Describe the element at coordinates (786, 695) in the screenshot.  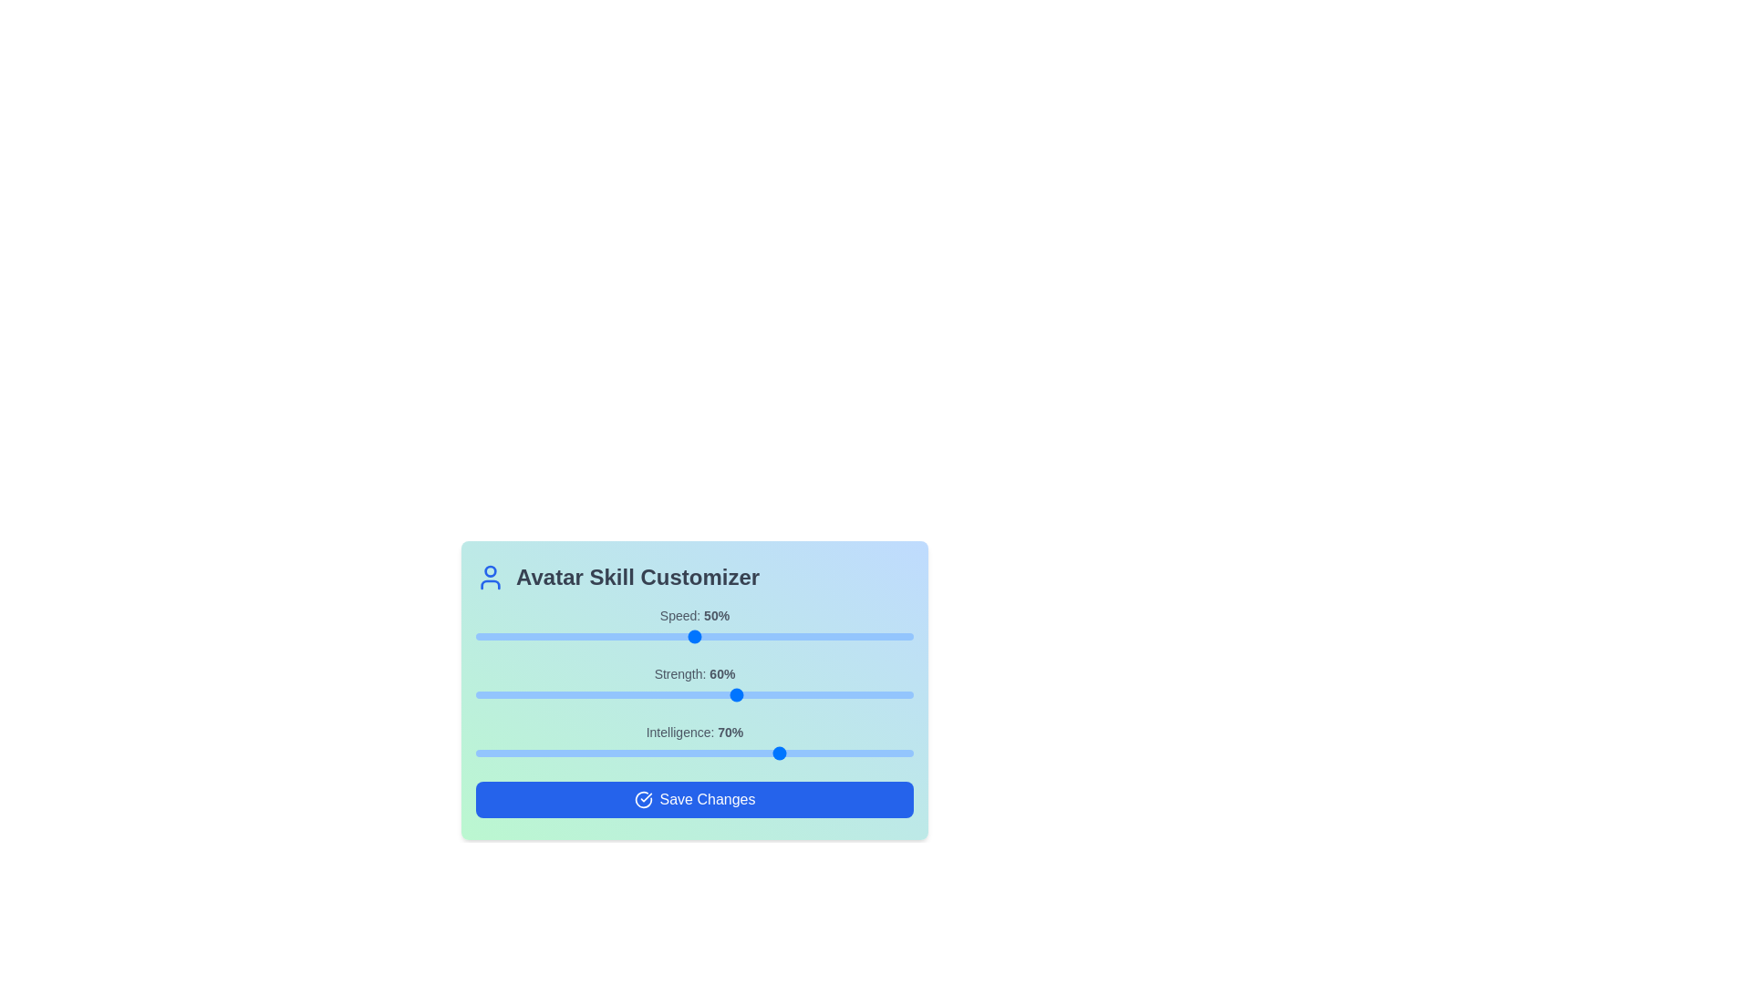
I see `the strength attribute` at that location.